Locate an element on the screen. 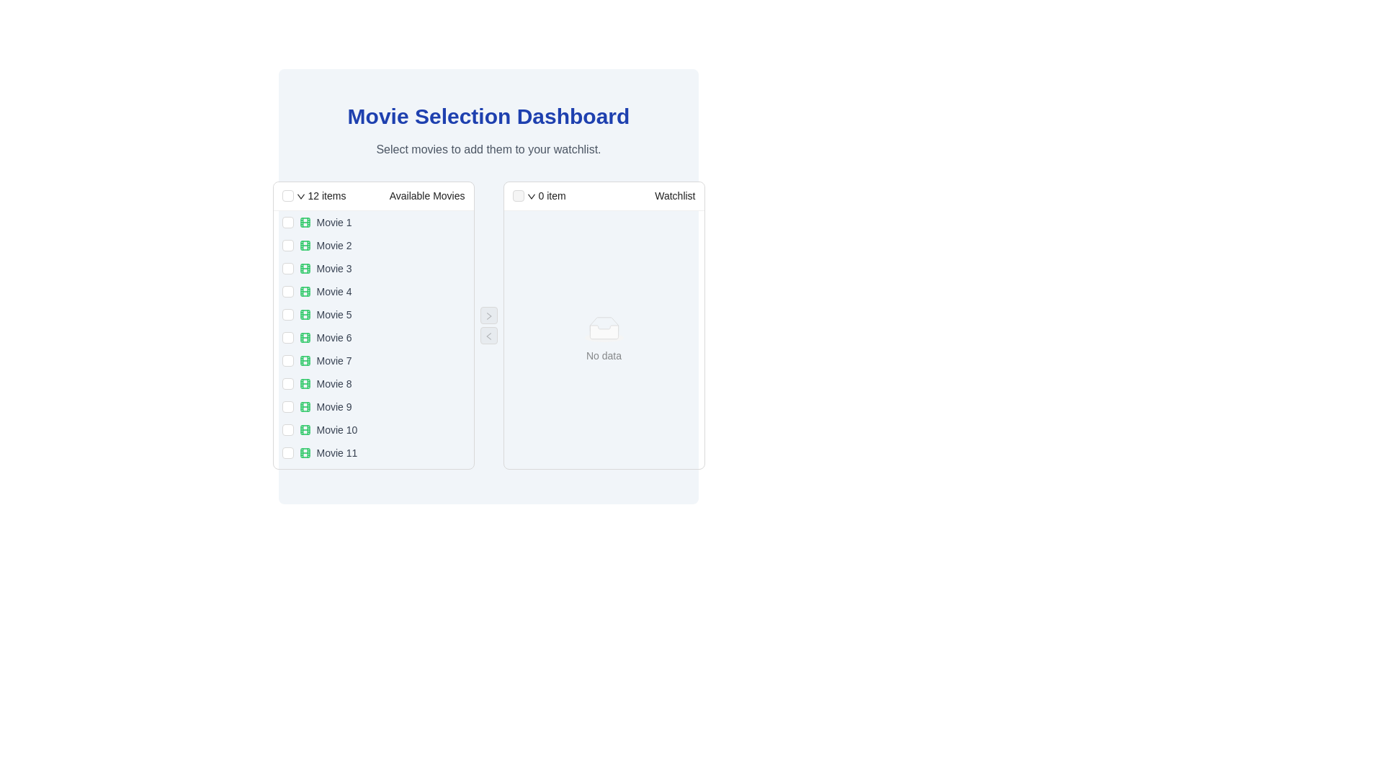 The image size is (1383, 778). the sixth movie title in the 'Available Movies' section is located at coordinates (373, 339).